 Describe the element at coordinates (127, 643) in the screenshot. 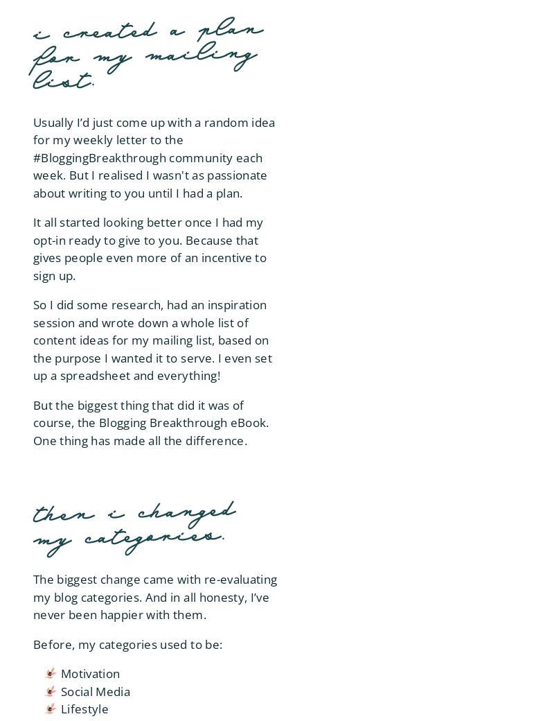

I see `'Before, my categories used to be:'` at that location.